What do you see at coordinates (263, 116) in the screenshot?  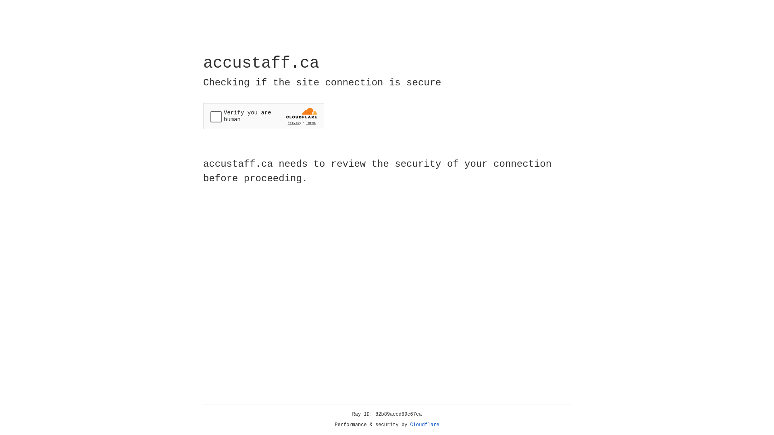 I see `'Widget containing a Cloudflare security challenge'` at bounding box center [263, 116].